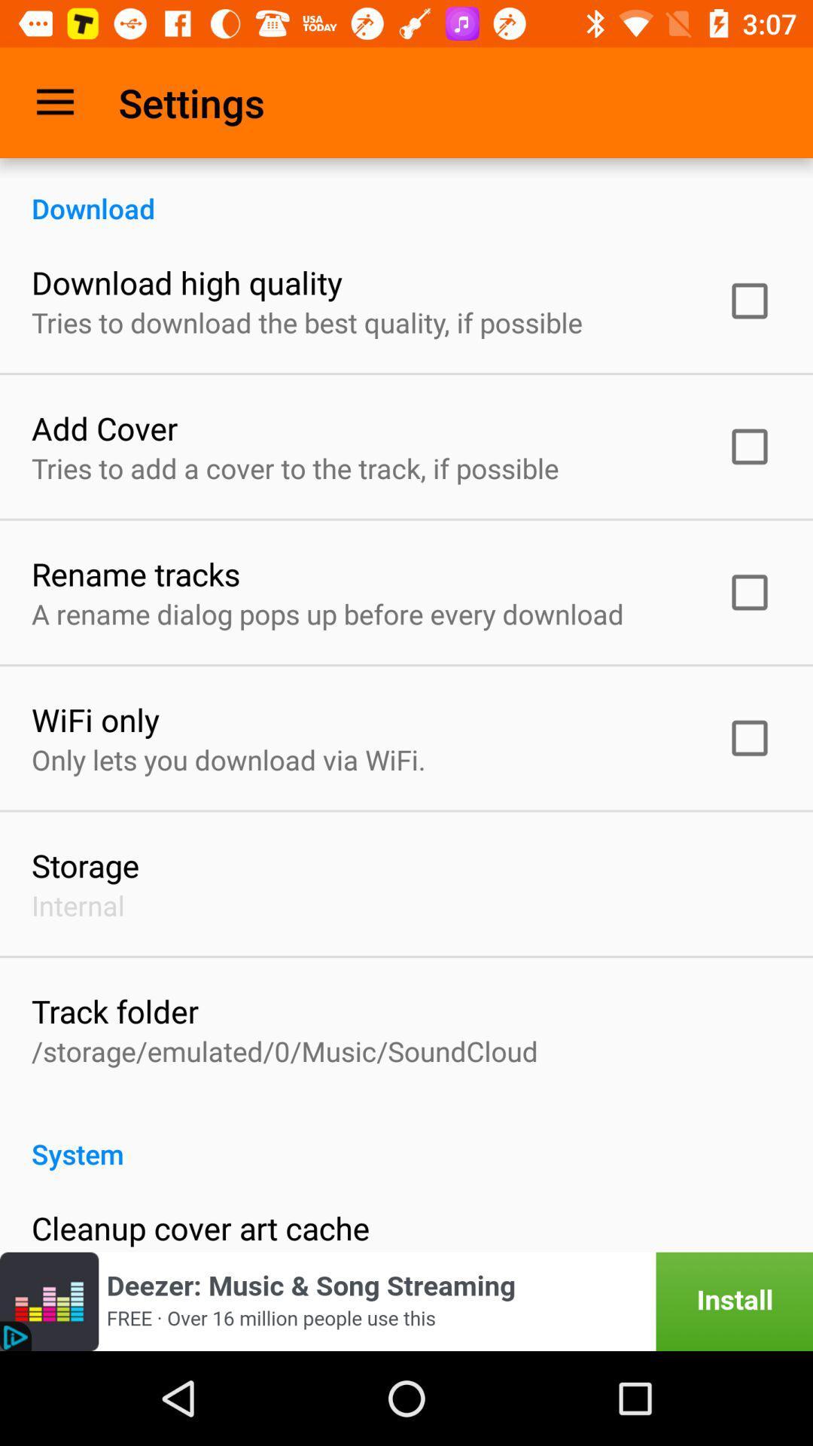 The image size is (813, 1446). Describe the element at coordinates (228, 759) in the screenshot. I see `the item above the storage icon` at that location.